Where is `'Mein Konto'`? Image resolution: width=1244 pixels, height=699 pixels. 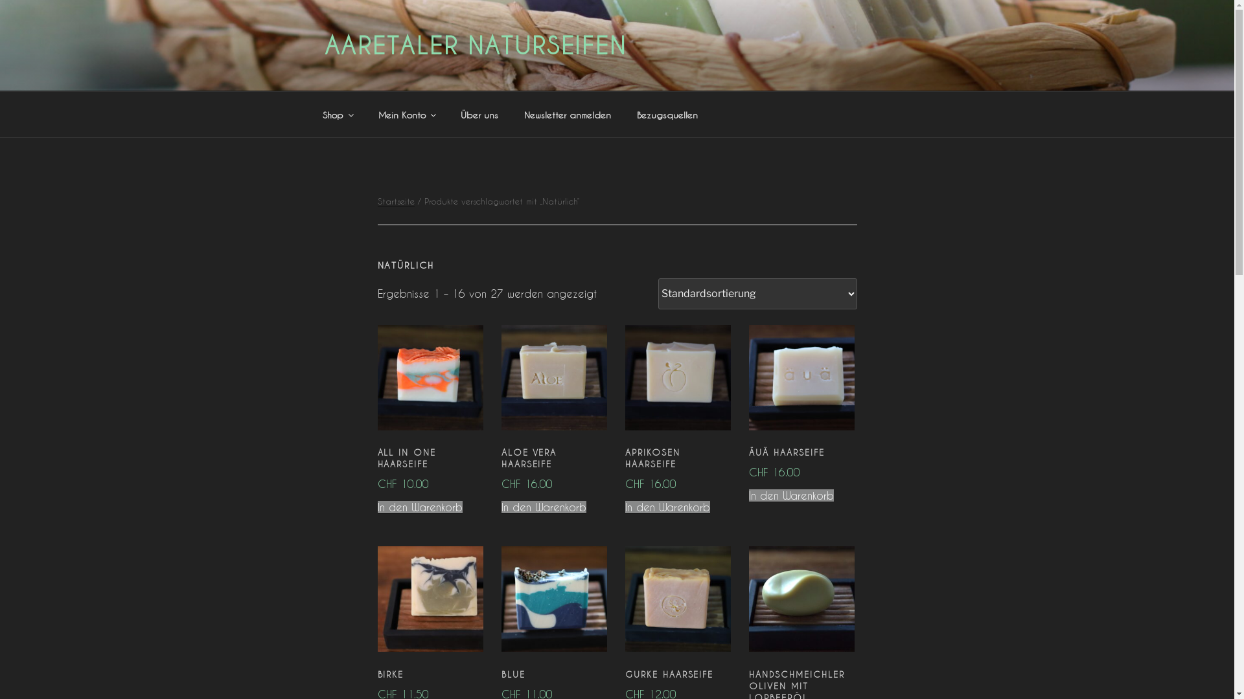
'Mein Konto' is located at coordinates (406, 113).